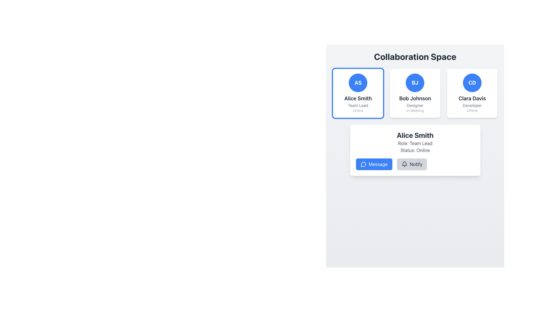 Image resolution: width=558 pixels, height=314 pixels. I want to click on the text label displaying 'Designer' located below the name 'Bob Johnson' within a user card in the main interface grid, so click(415, 105).